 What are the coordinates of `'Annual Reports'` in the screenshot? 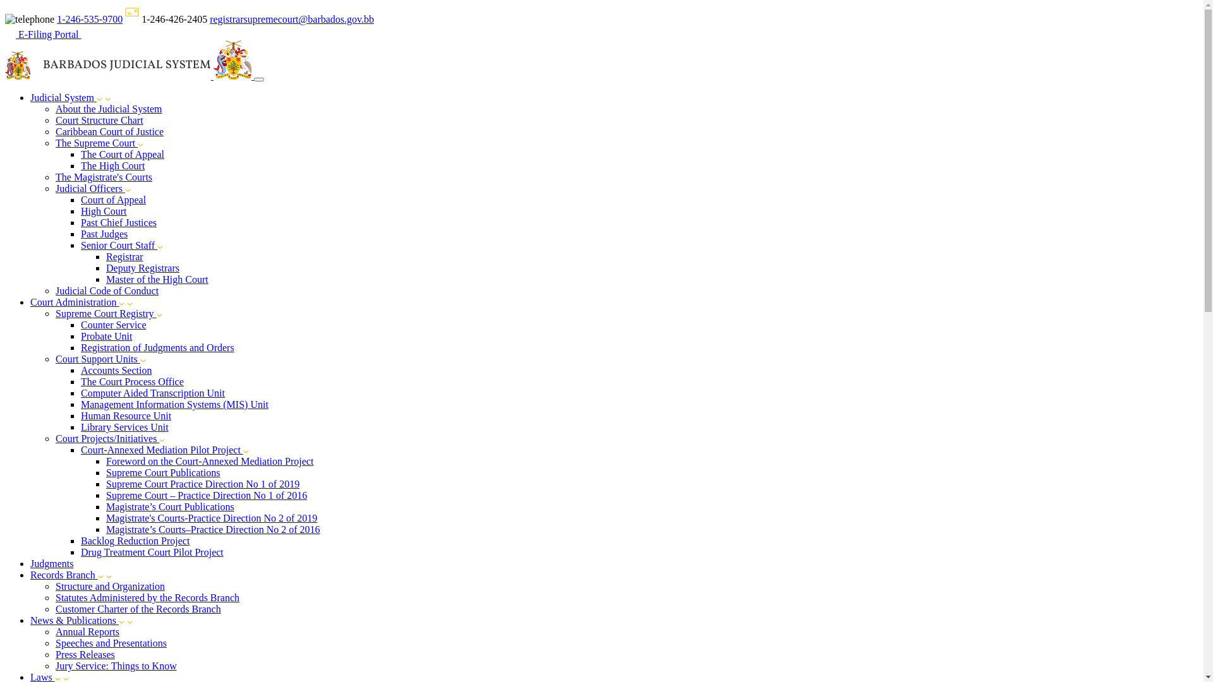 It's located at (87, 631).